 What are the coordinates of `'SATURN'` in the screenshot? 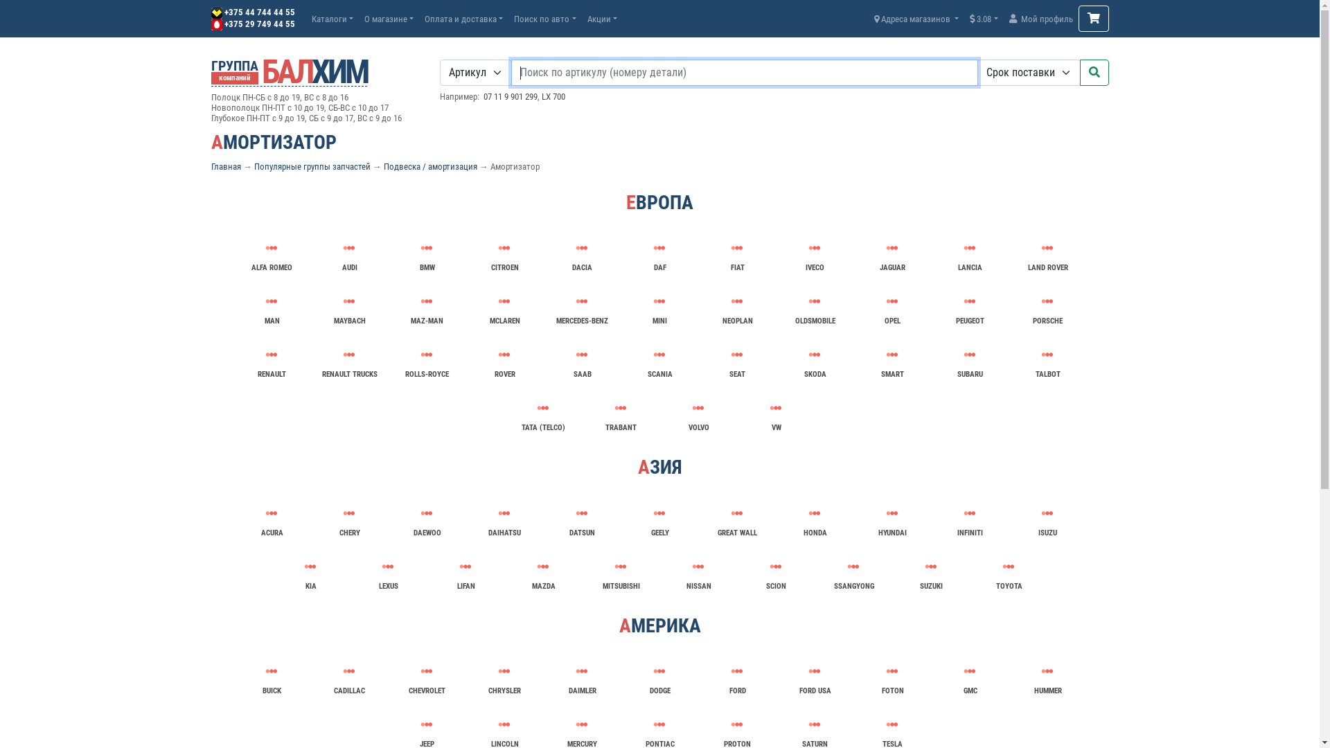 It's located at (815, 723).